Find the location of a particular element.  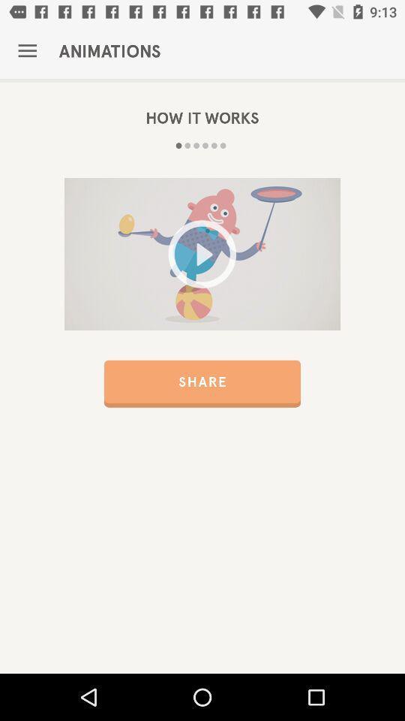

click play button is located at coordinates (202, 254).